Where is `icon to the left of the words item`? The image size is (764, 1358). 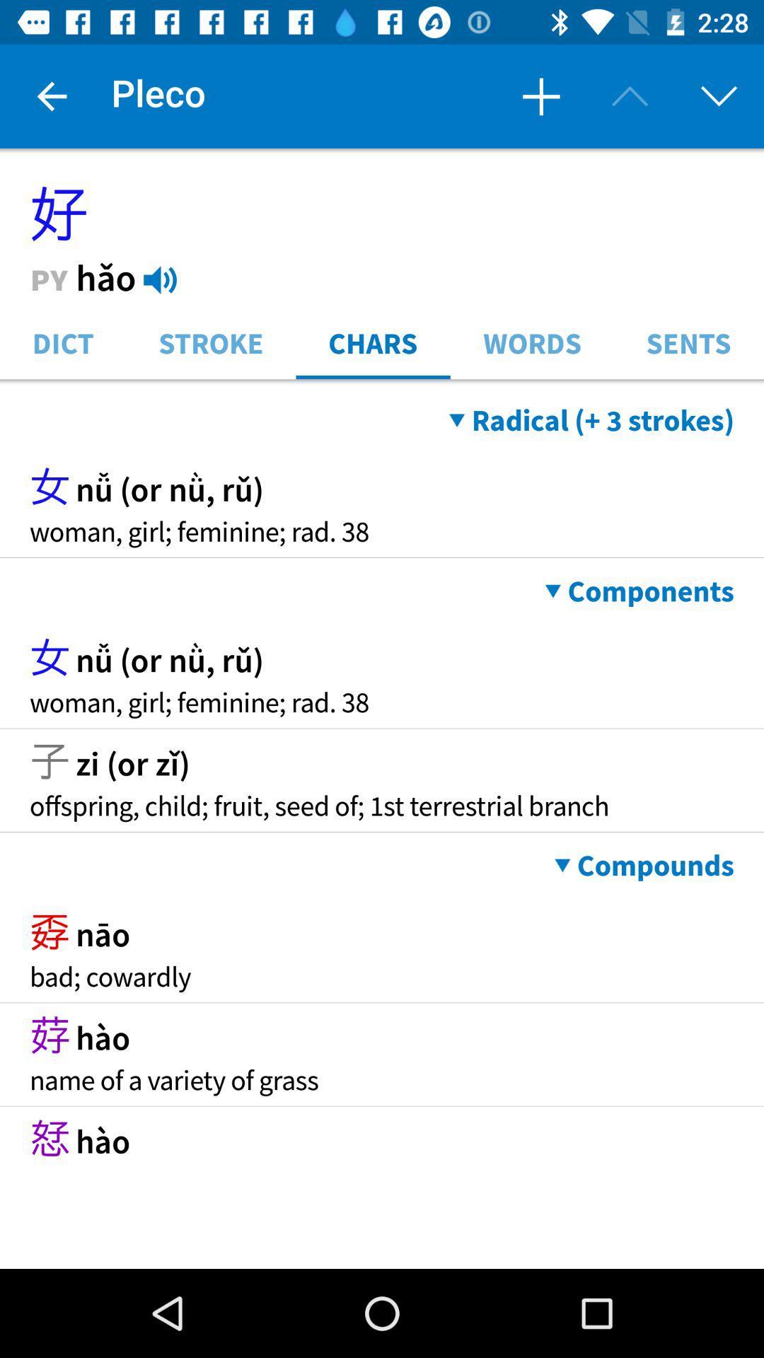 icon to the left of the words item is located at coordinates (372, 342).